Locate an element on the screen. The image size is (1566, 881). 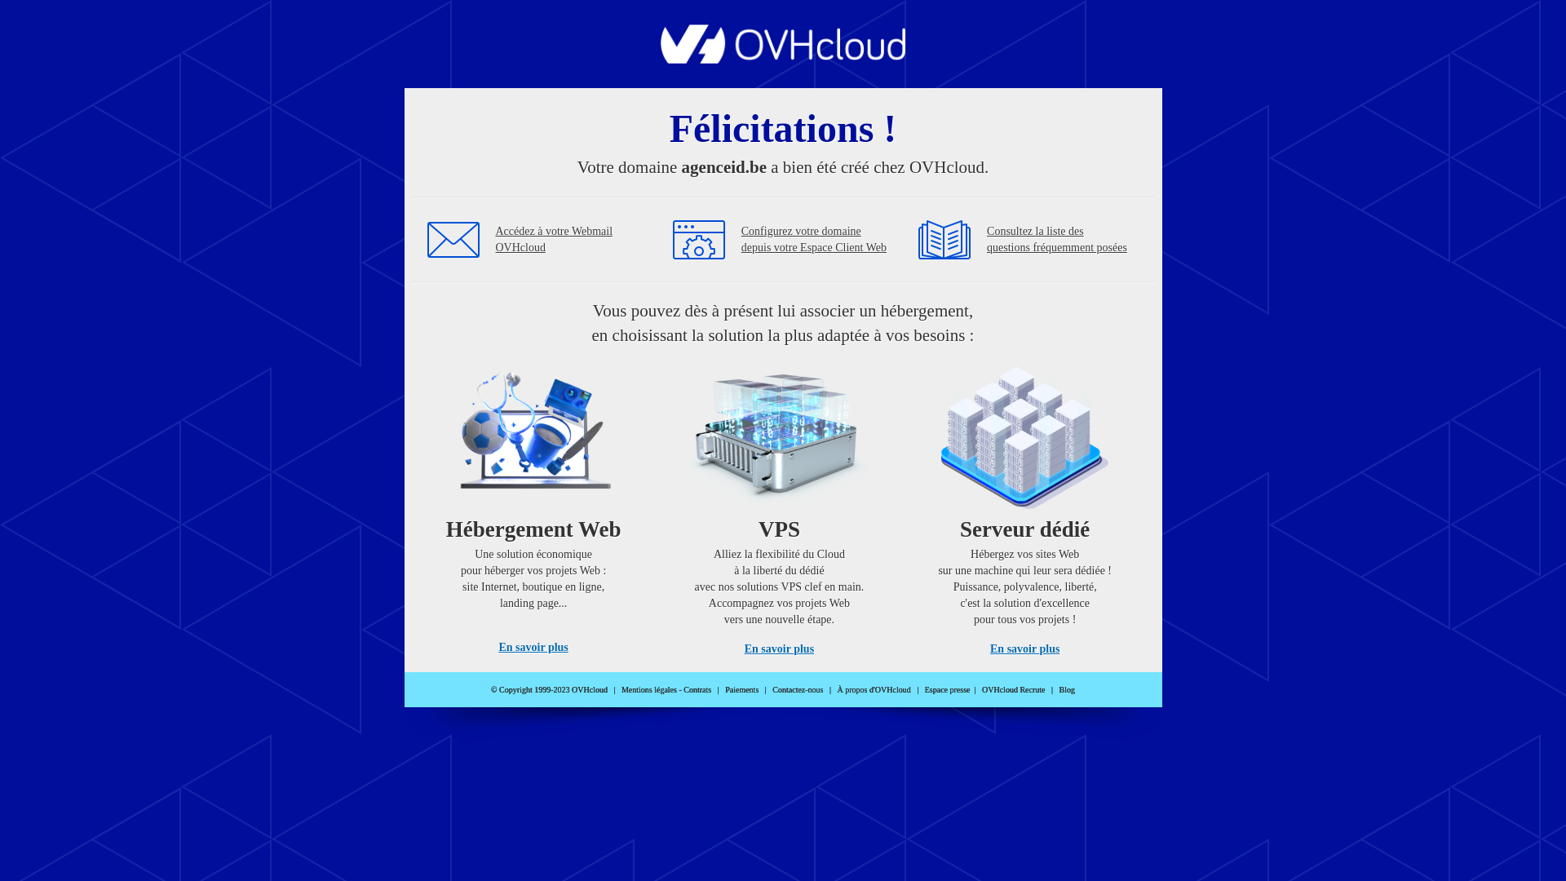
'Espace presse' is located at coordinates (947, 689).